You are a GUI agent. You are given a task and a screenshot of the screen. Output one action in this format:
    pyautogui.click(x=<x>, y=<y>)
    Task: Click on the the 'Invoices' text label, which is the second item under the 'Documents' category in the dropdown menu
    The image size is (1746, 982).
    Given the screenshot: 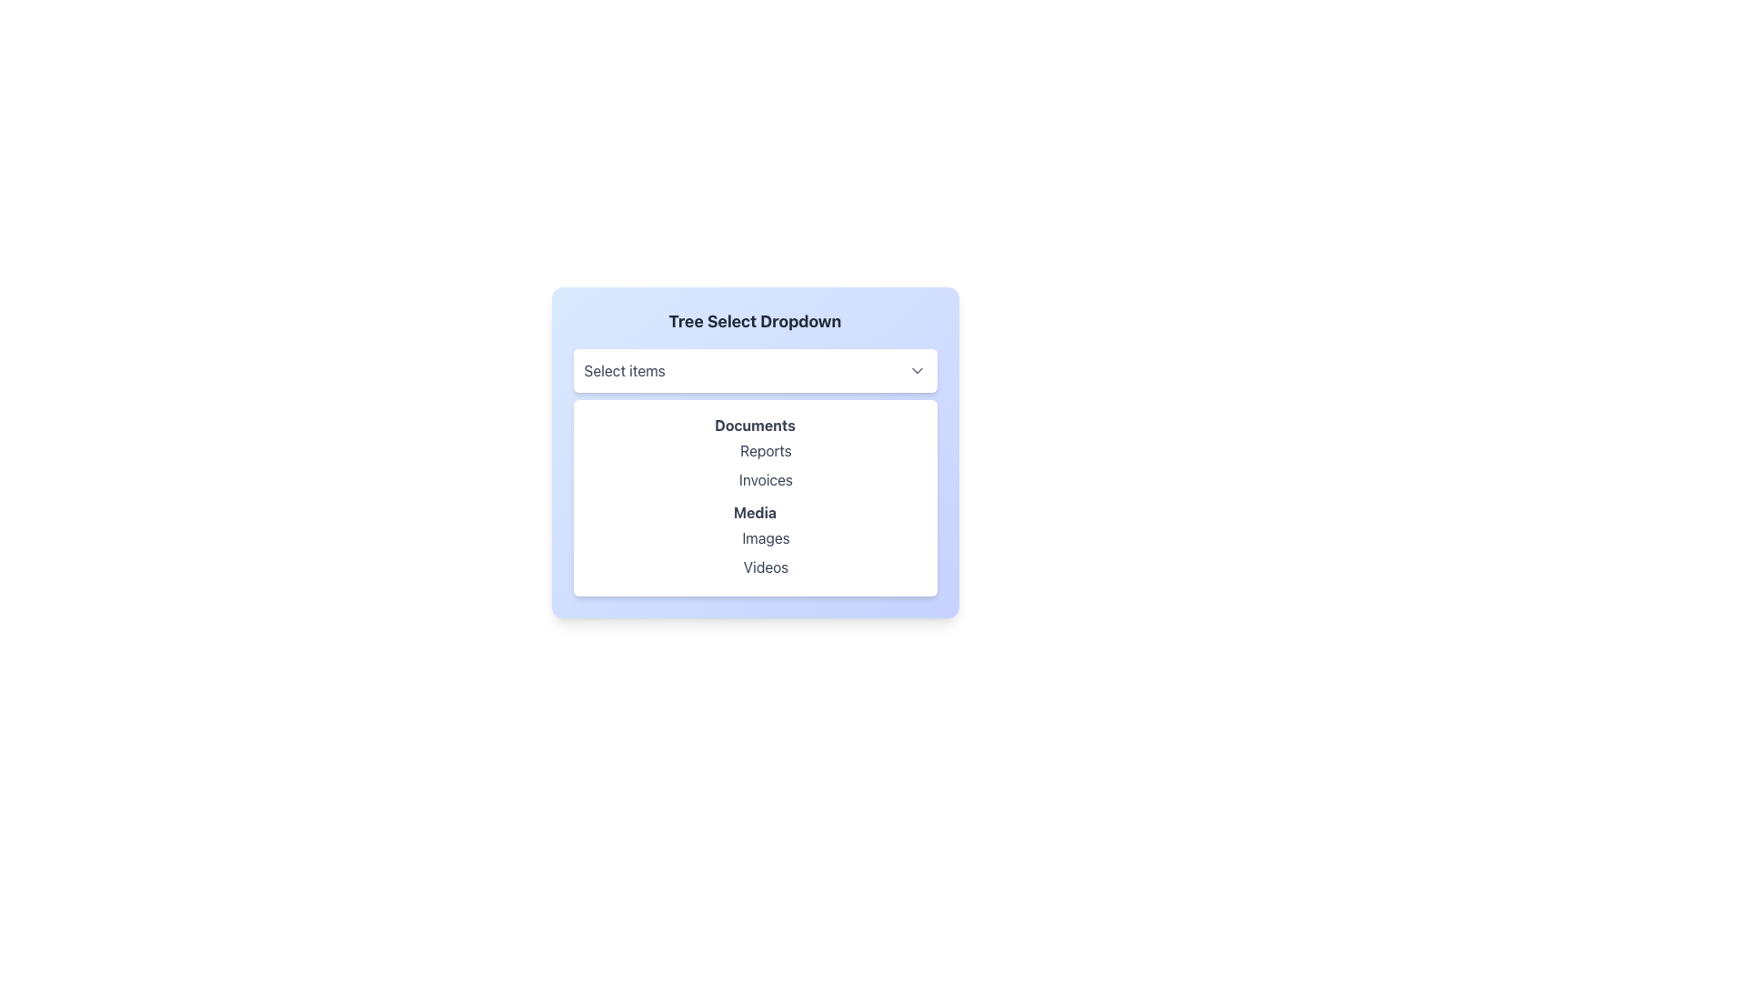 What is the action you would take?
    pyautogui.click(x=762, y=479)
    